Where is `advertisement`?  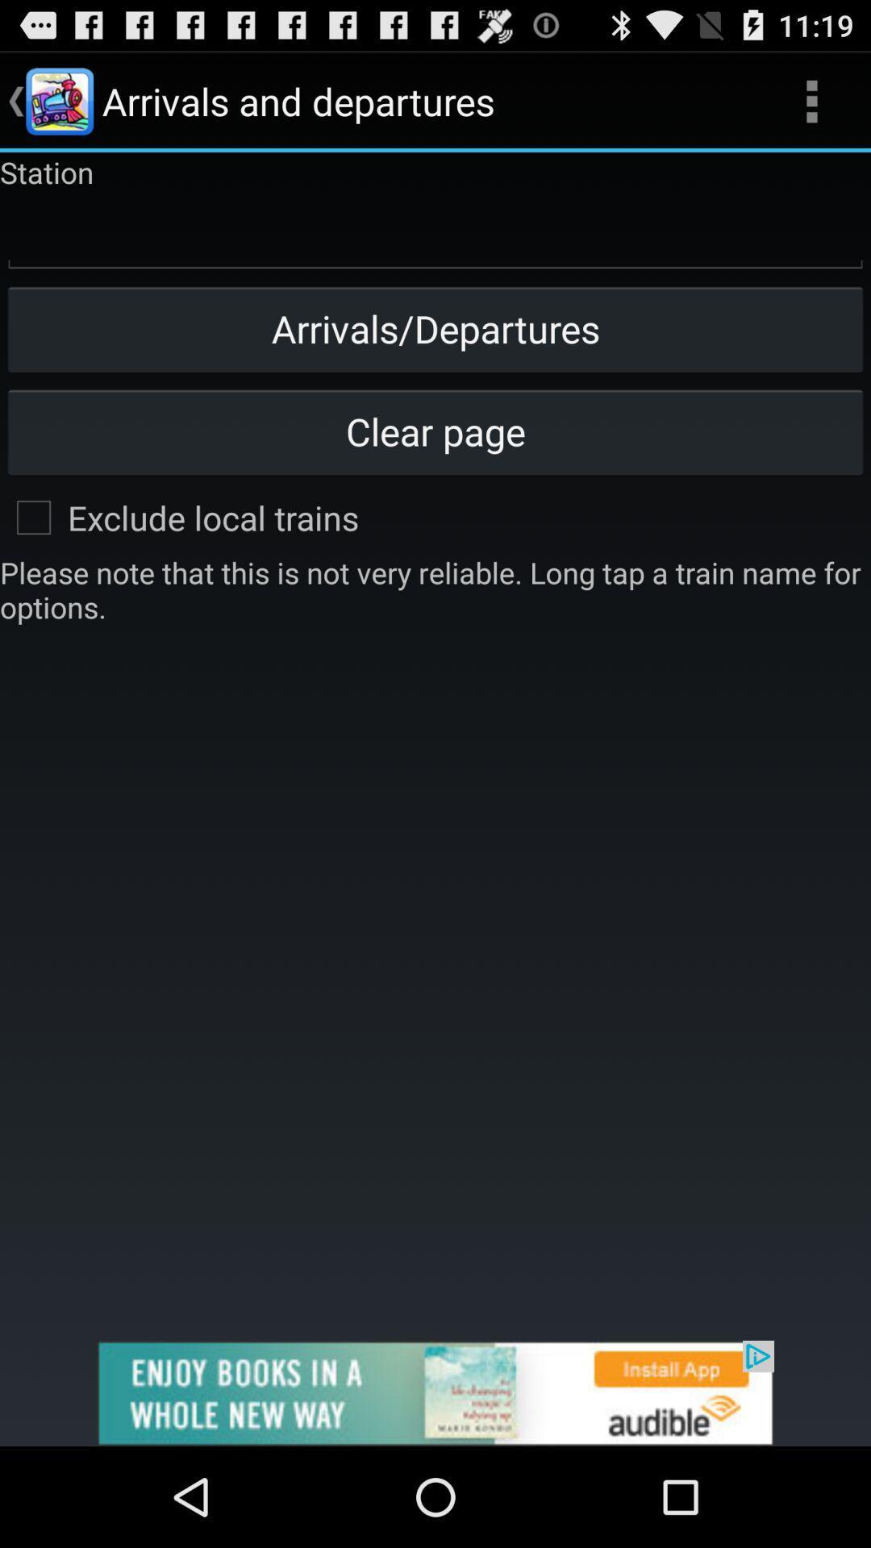
advertisement is located at coordinates (435, 1392).